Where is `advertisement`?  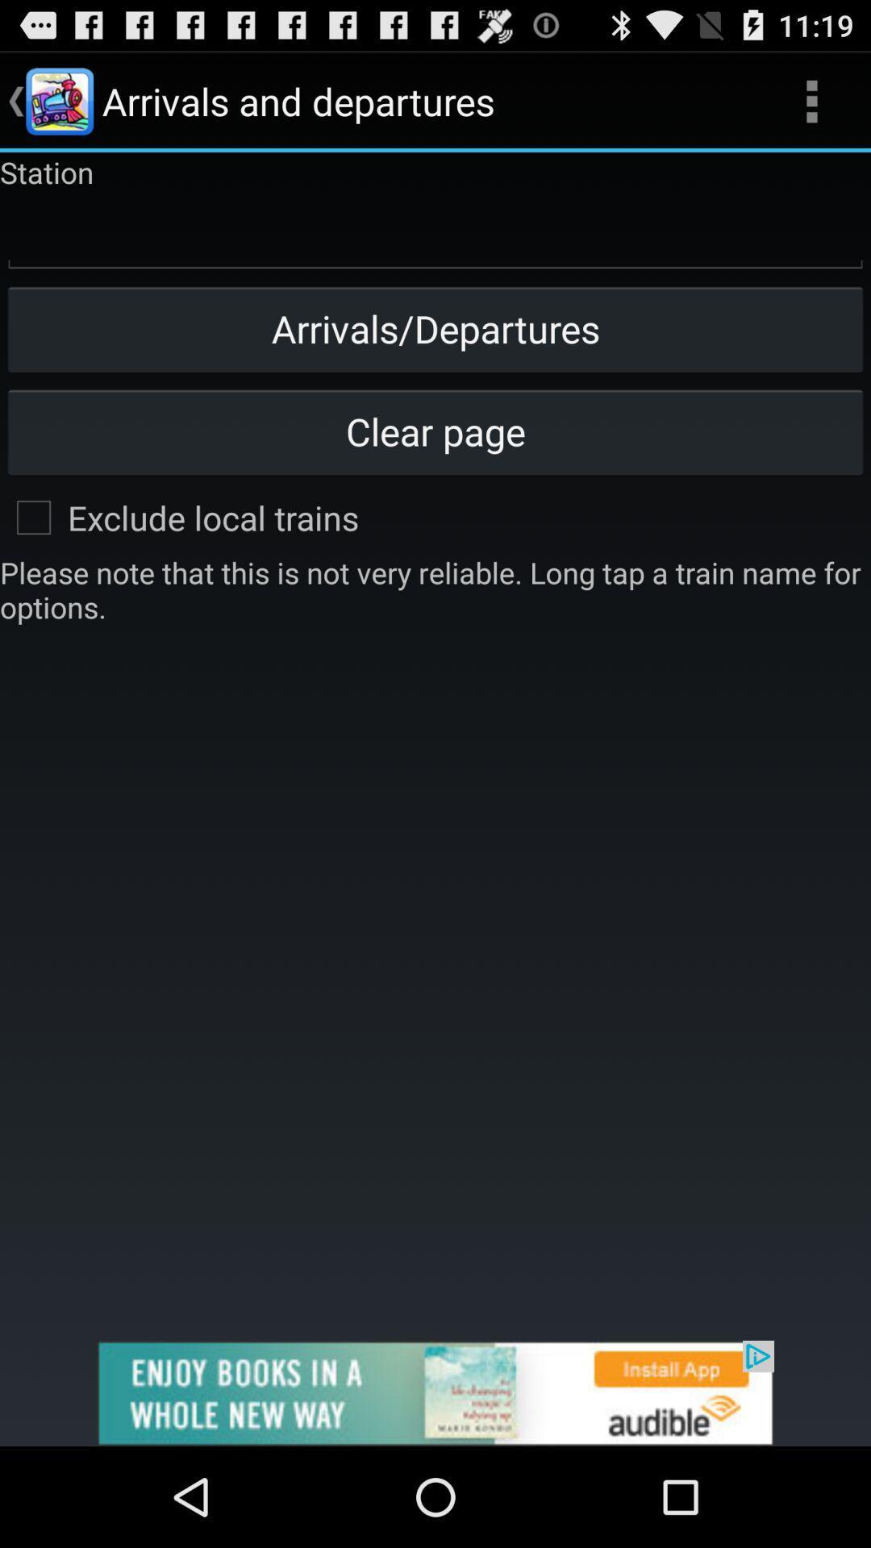
advertisement is located at coordinates (435, 1392).